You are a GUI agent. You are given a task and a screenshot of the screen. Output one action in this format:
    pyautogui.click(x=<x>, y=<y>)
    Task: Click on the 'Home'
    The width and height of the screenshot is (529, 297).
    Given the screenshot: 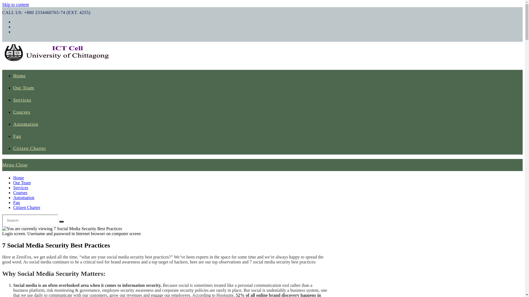 What is the action you would take?
    pyautogui.click(x=18, y=178)
    